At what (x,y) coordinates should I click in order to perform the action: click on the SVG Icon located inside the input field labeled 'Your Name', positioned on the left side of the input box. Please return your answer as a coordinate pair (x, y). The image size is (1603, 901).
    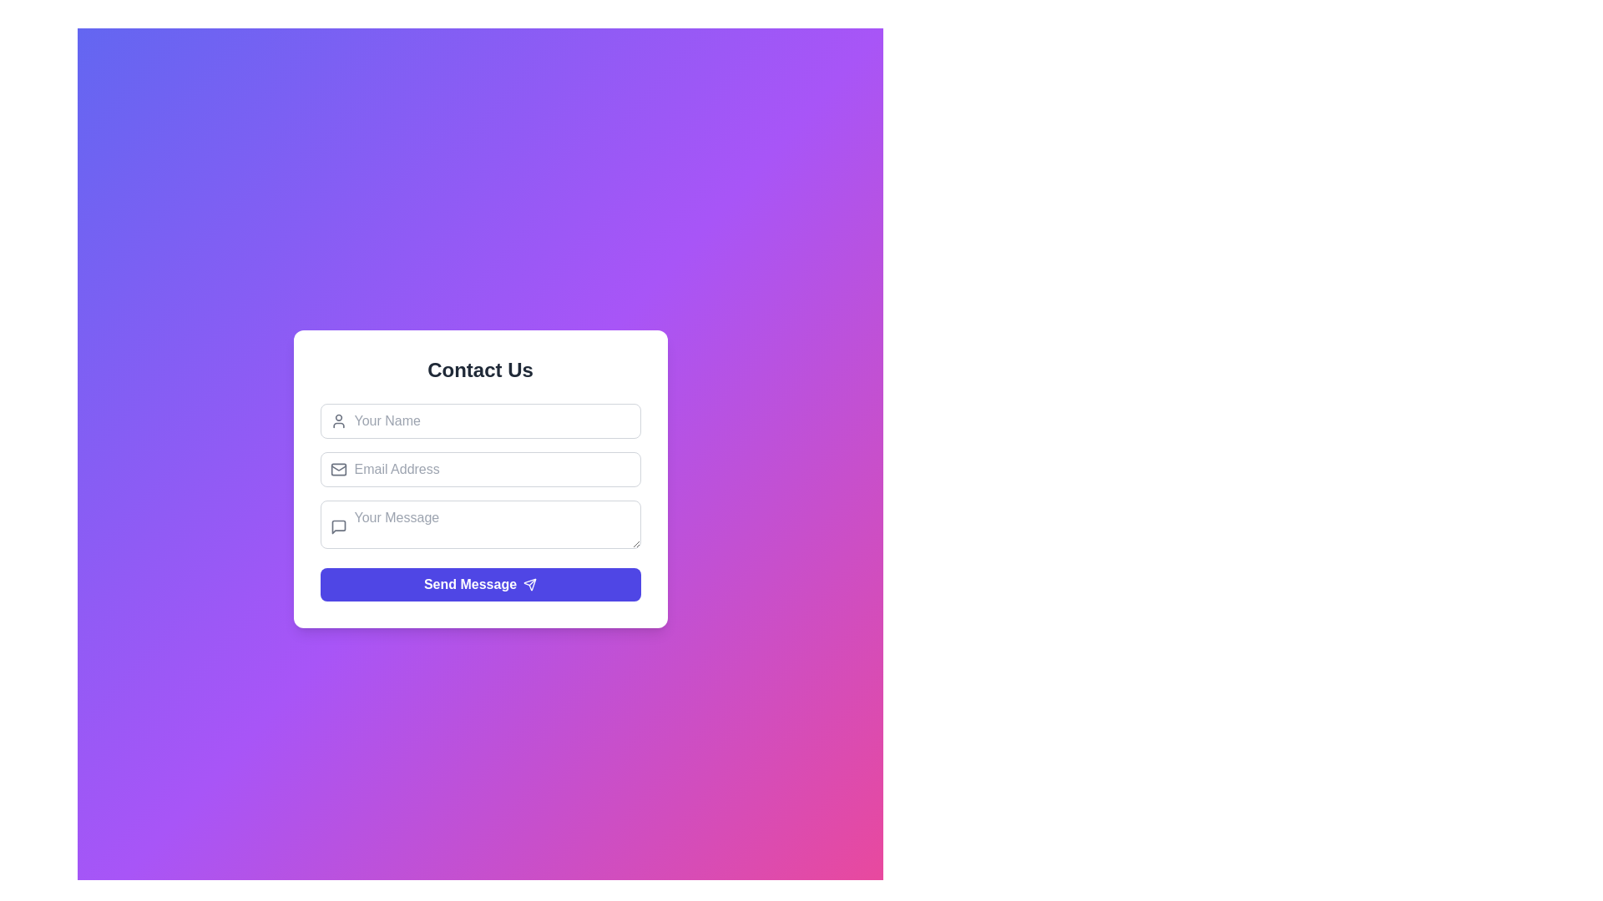
    Looking at the image, I should click on (337, 420).